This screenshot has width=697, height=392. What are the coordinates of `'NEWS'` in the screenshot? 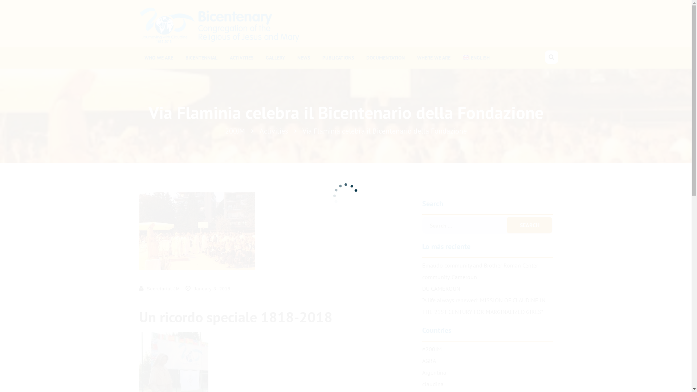 It's located at (303, 57).